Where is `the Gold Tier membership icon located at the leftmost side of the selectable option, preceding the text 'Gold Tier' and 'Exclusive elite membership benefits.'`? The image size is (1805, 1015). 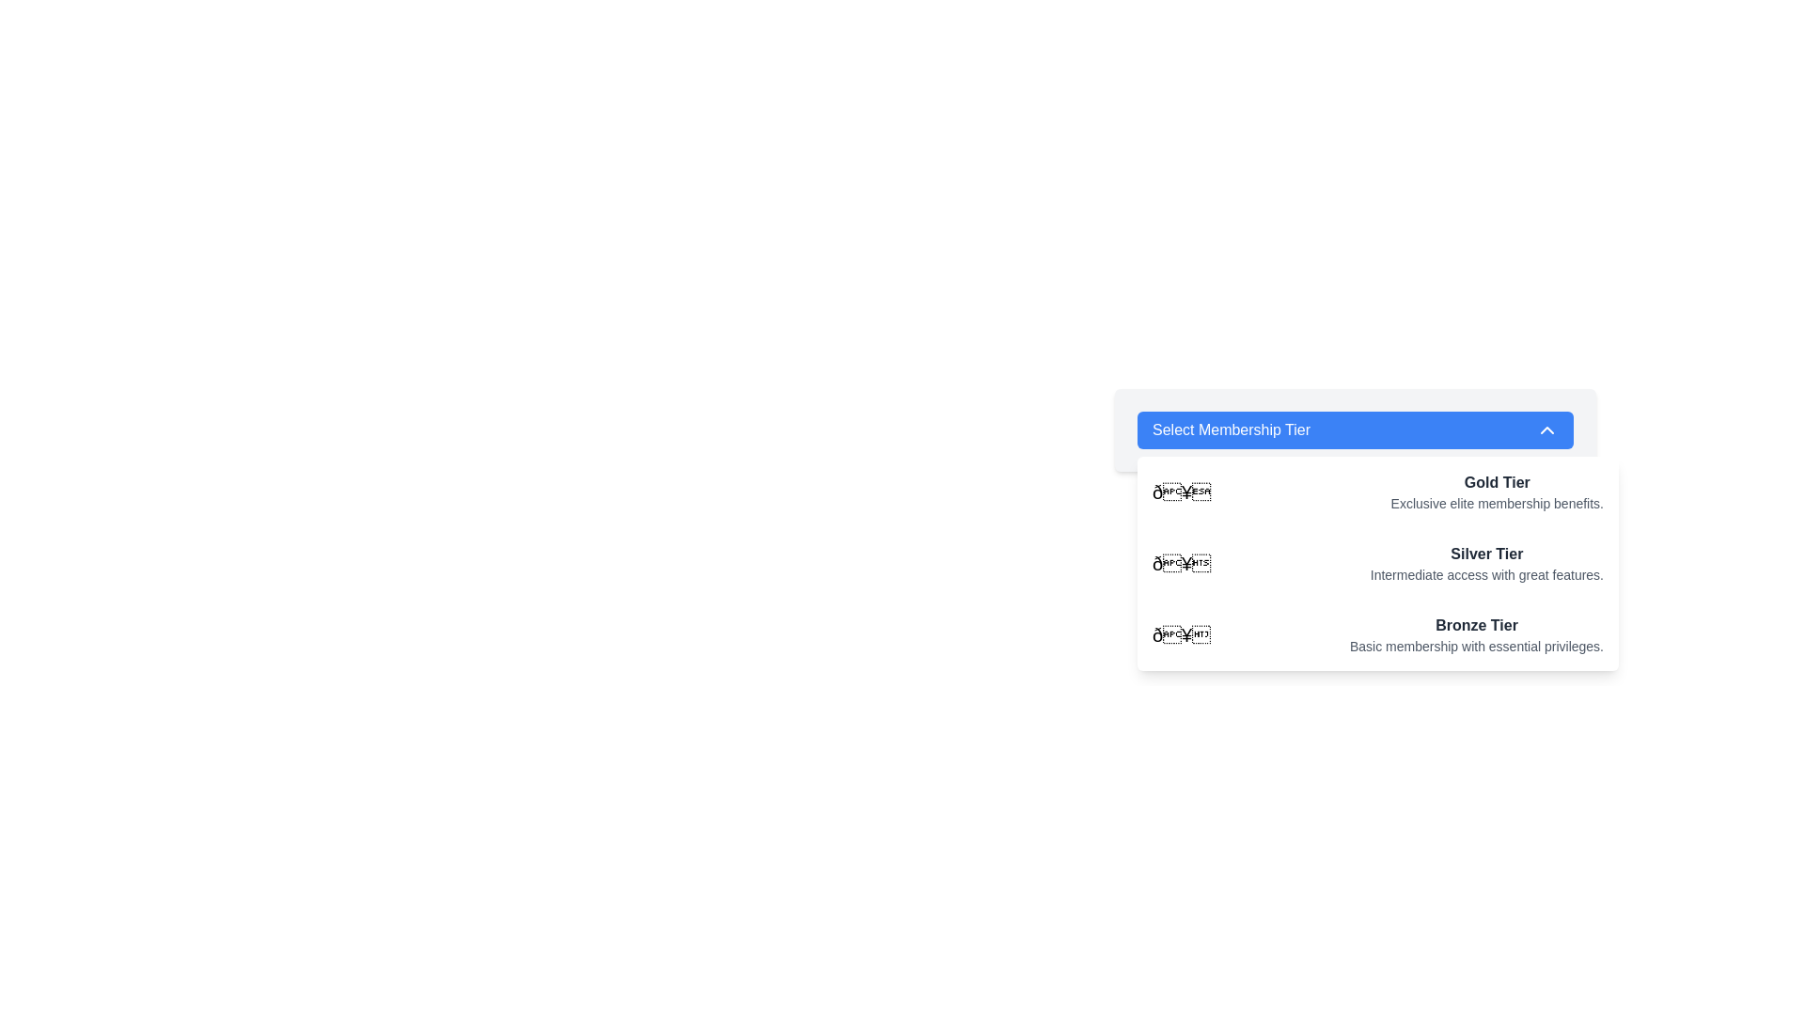 the Gold Tier membership icon located at the leftmost side of the selectable option, preceding the text 'Gold Tier' and 'Exclusive elite membership benefits.' is located at coordinates (1181, 492).